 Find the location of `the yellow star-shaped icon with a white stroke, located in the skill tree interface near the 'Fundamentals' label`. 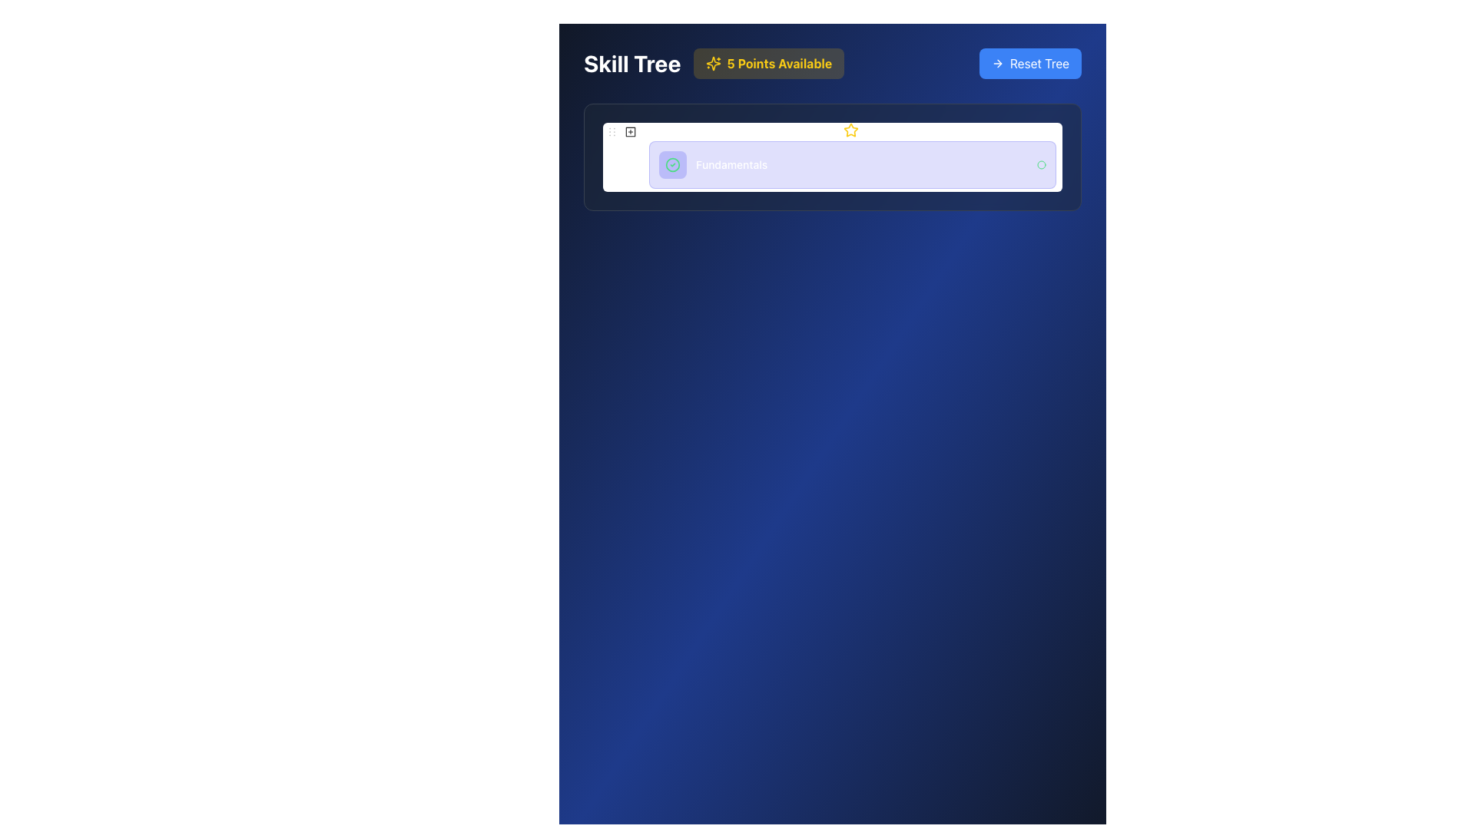

the yellow star-shaped icon with a white stroke, located in the skill tree interface near the 'Fundamentals' label is located at coordinates (850, 129).